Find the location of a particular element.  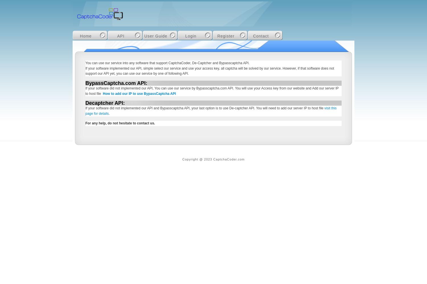

'.' is located at coordinates (109, 114).